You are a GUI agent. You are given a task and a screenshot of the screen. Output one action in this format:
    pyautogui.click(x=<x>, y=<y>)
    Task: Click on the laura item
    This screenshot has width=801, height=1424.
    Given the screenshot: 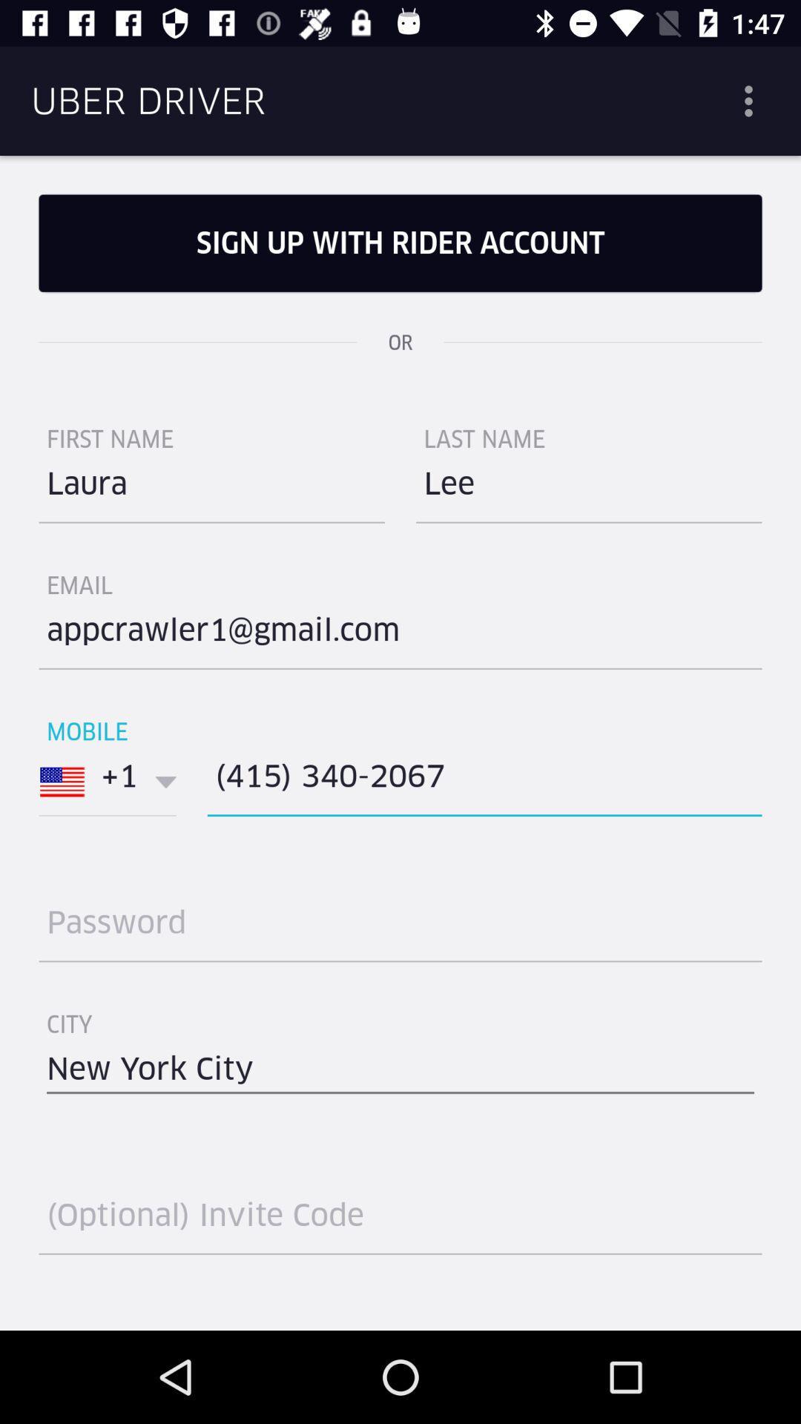 What is the action you would take?
    pyautogui.click(x=211, y=489)
    